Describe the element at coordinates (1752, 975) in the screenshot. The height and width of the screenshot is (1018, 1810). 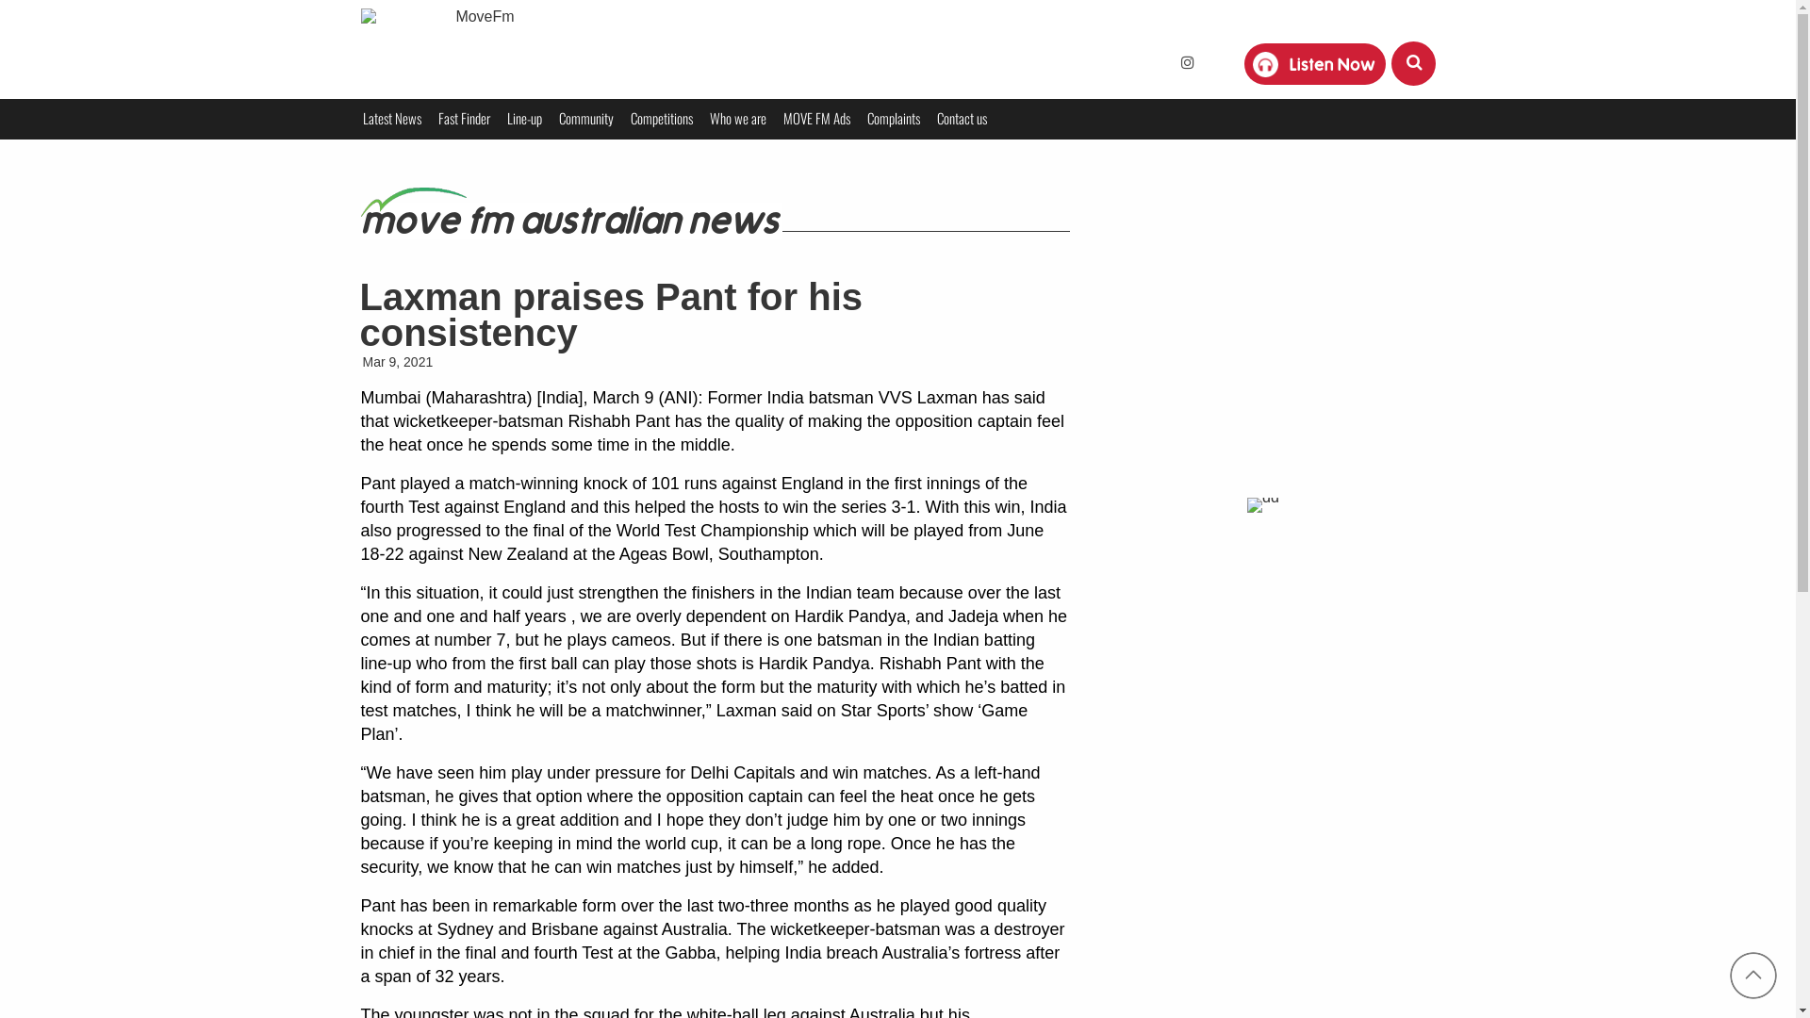
I see `'top'` at that location.